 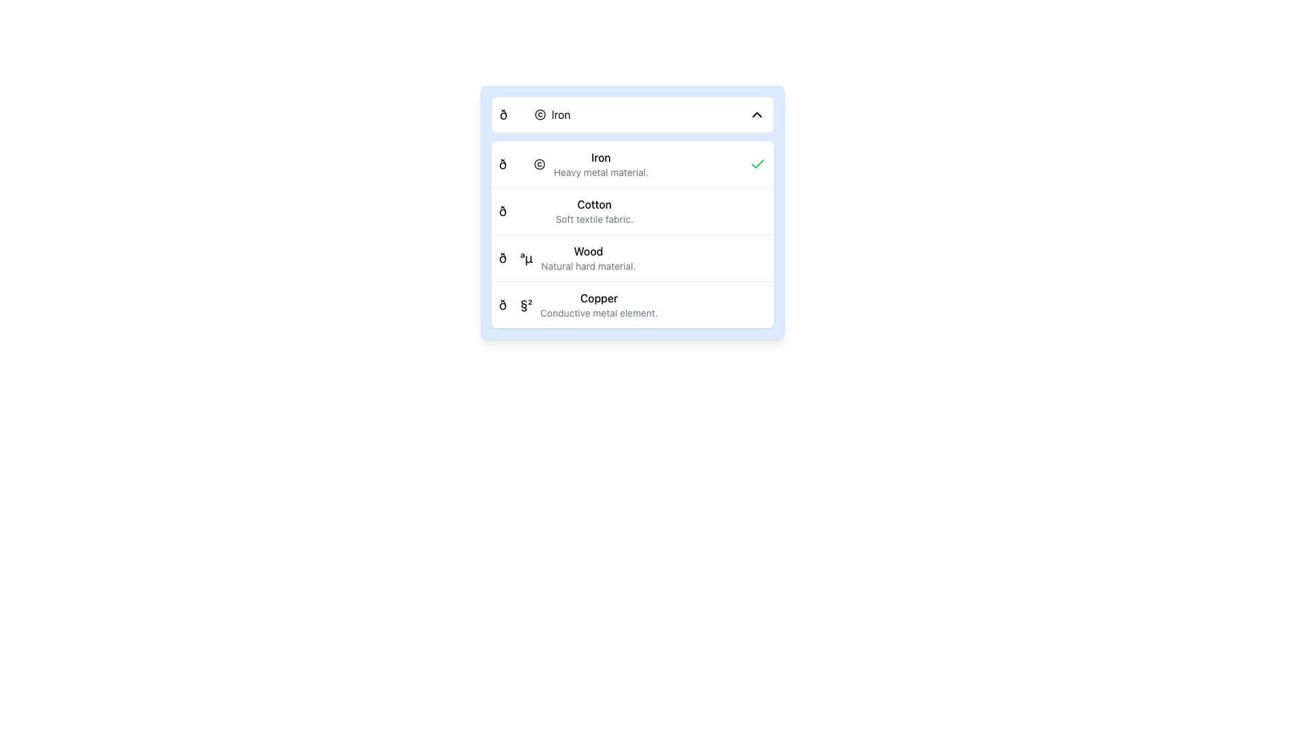 What do you see at coordinates (515, 304) in the screenshot?
I see `the decorative icon representing the 'Copper' item, located to the left of the text 'CopperConductive metal element.'` at bounding box center [515, 304].